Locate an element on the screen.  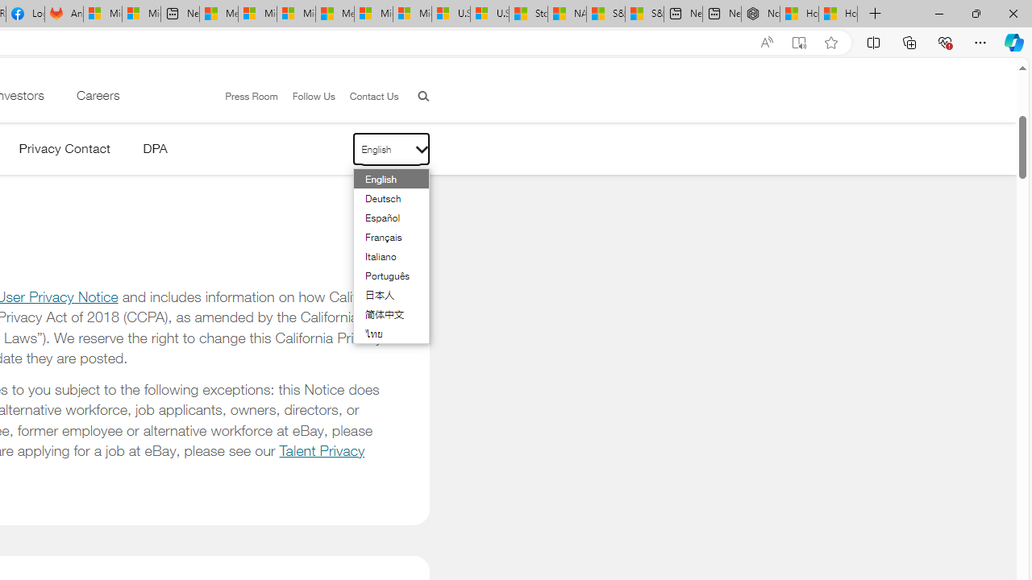
'English' is located at coordinates (381, 179).